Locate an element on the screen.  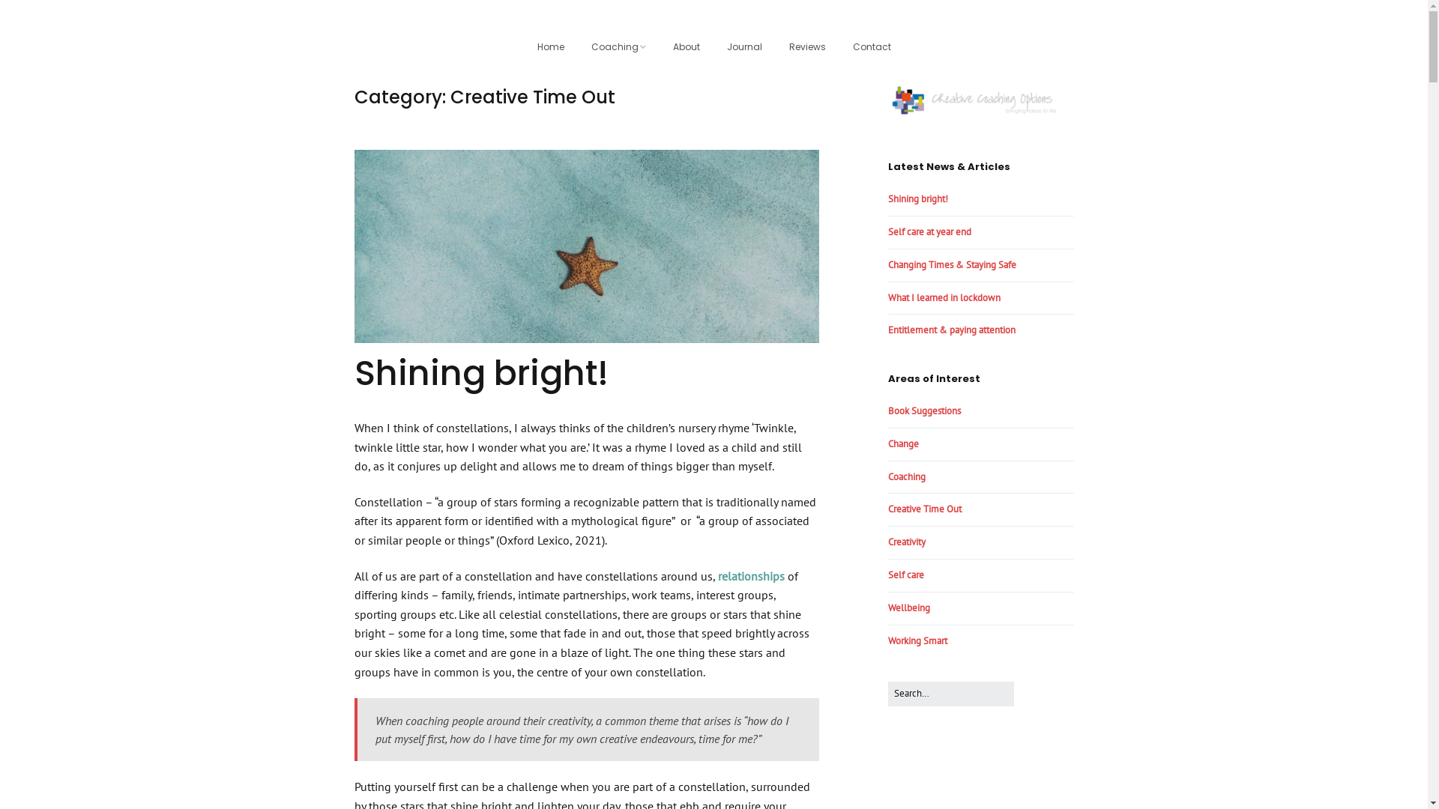
'Shining bright!' is located at coordinates (352, 372).